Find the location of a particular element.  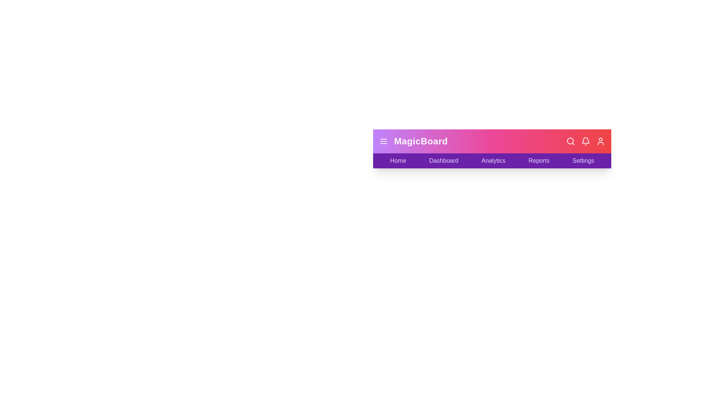

the Home label to navigate to the respective section is located at coordinates (397, 160).